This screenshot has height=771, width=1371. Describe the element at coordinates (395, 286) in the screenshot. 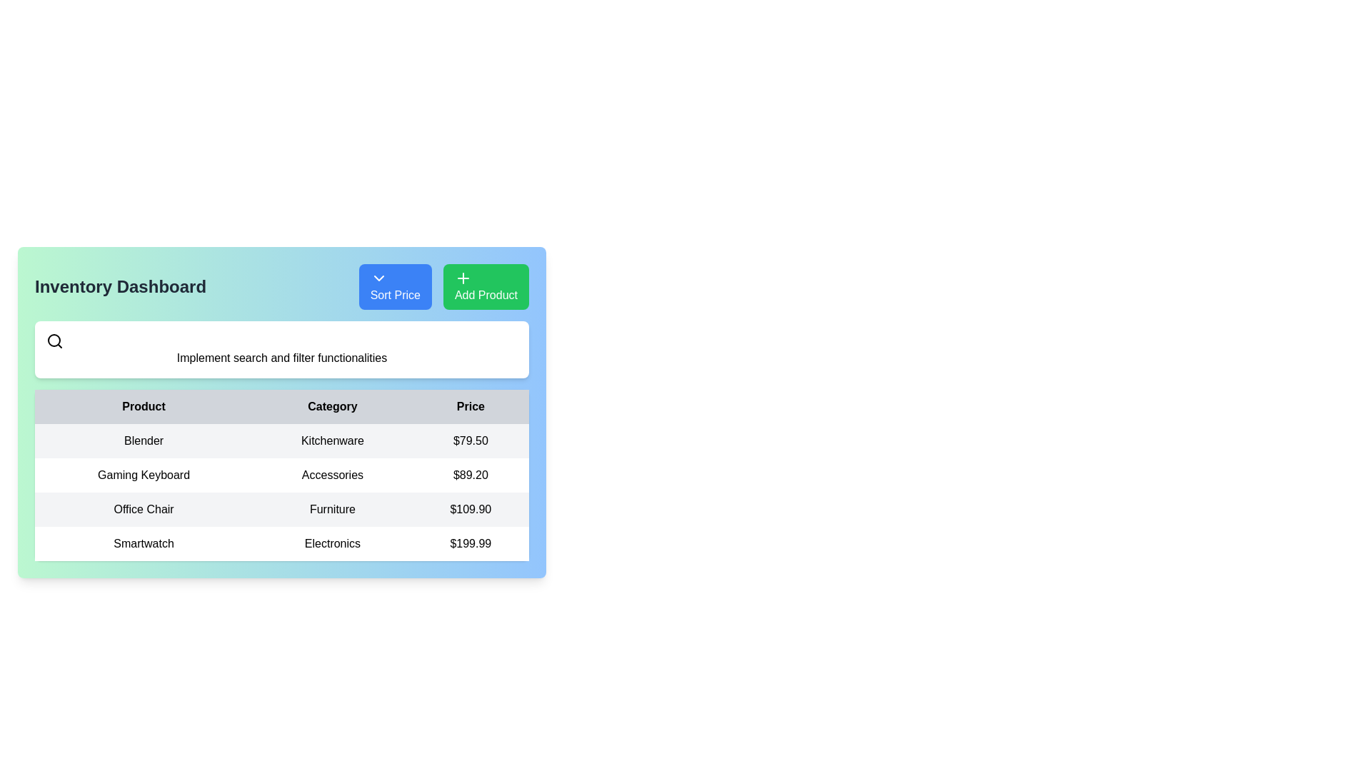

I see `the blue rectangular button labeled 'Sort Price'` at that location.